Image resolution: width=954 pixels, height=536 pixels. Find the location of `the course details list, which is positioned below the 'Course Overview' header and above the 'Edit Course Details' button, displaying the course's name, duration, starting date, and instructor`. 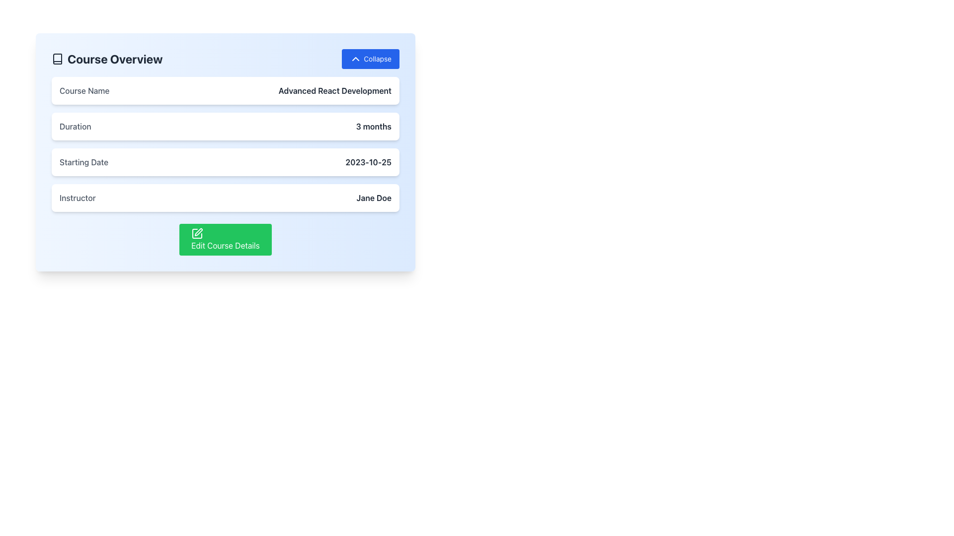

the course details list, which is positioned below the 'Course Overview' header and above the 'Edit Course Details' button, displaying the course's name, duration, starting date, and instructor is located at coordinates (225, 144).